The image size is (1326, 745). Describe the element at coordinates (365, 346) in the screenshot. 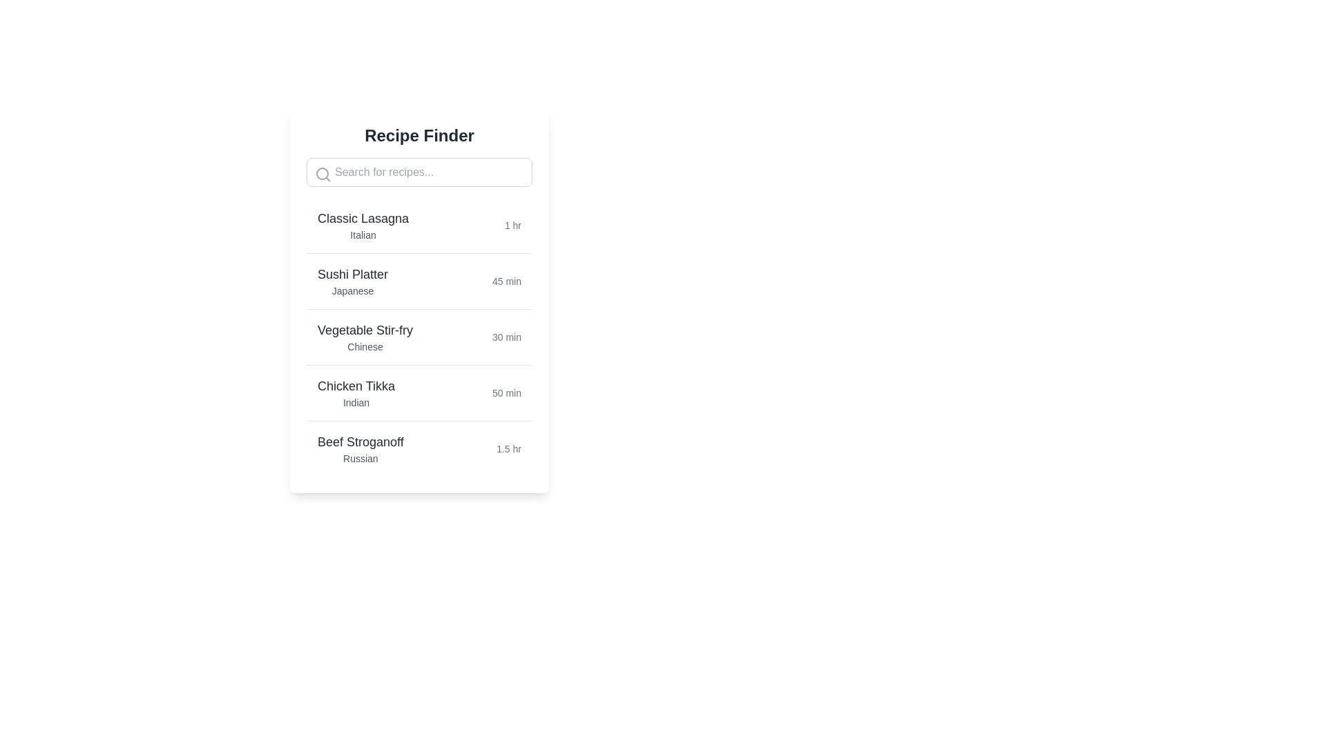

I see `the content of the text label displaying 'Chinese', which is positioned below the title 'Vegetable Stir-fry' and uses a gray color` at that location.